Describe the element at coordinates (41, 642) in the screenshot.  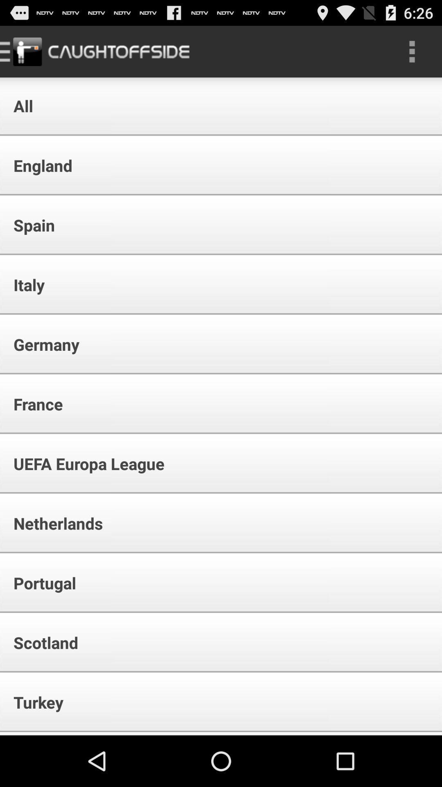
I see `icon below portugal app` at that location.